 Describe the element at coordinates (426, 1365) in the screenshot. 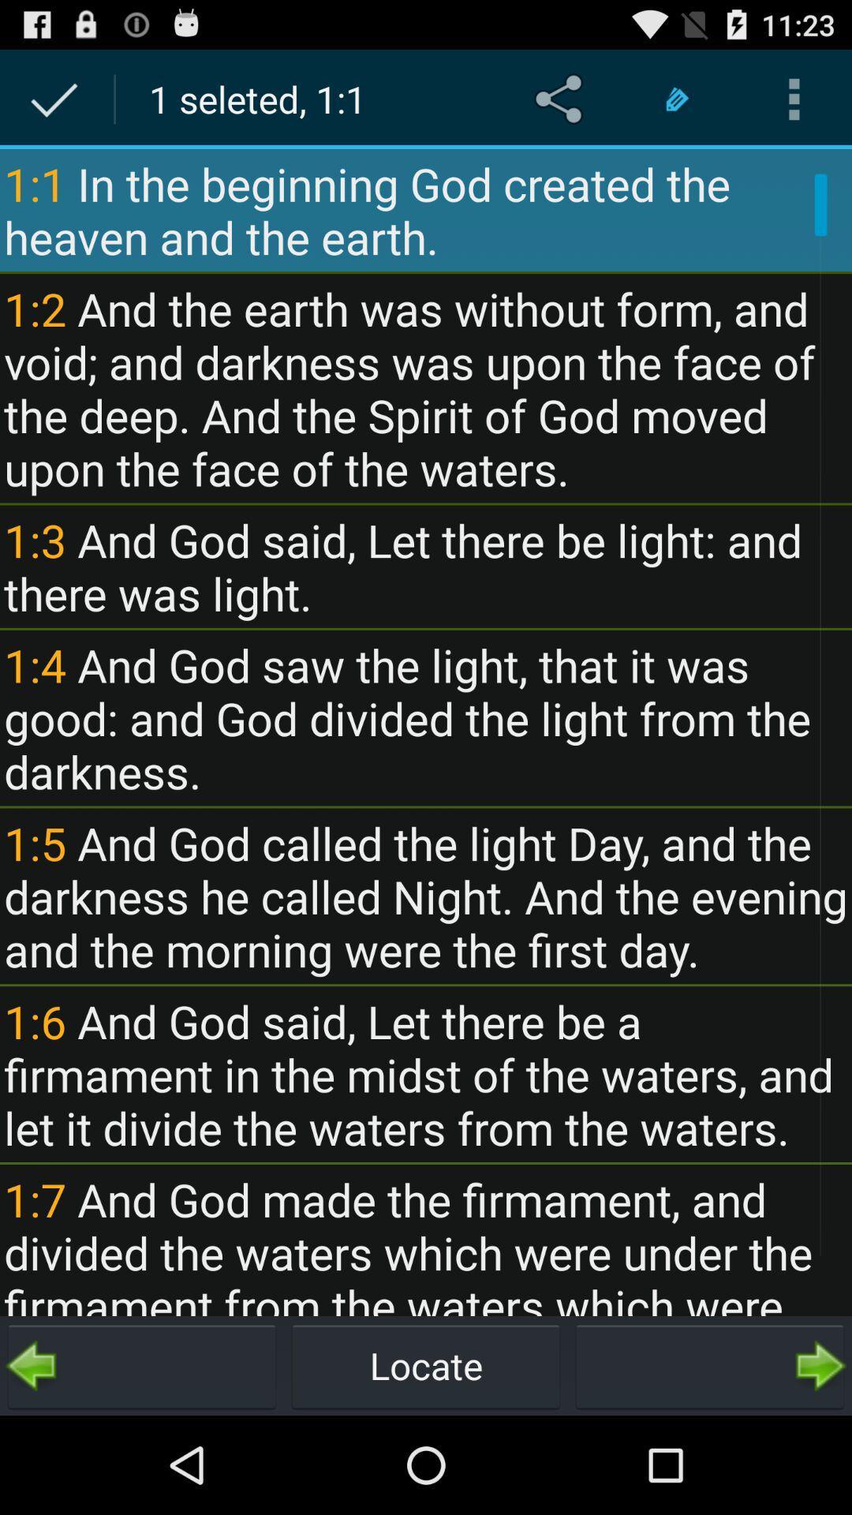

I see `locate button` at that location.